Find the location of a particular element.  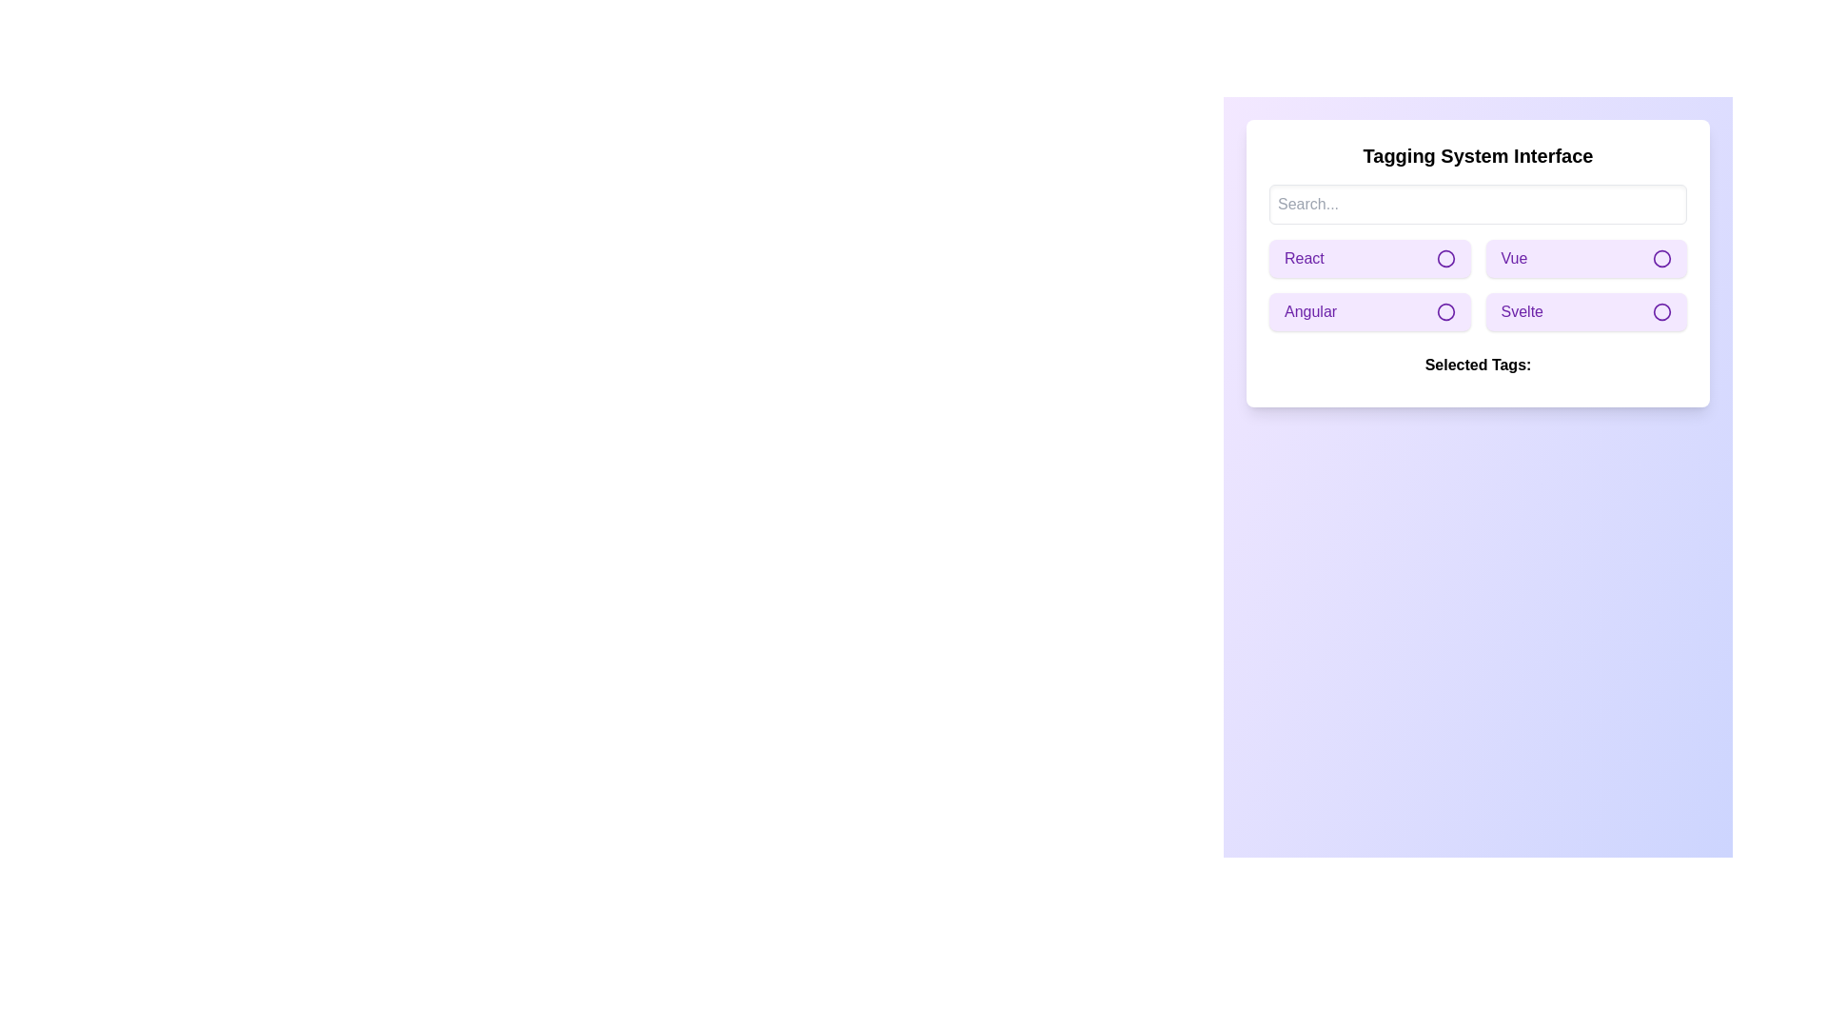

the interactive button is located at coordinates (1585, 310).